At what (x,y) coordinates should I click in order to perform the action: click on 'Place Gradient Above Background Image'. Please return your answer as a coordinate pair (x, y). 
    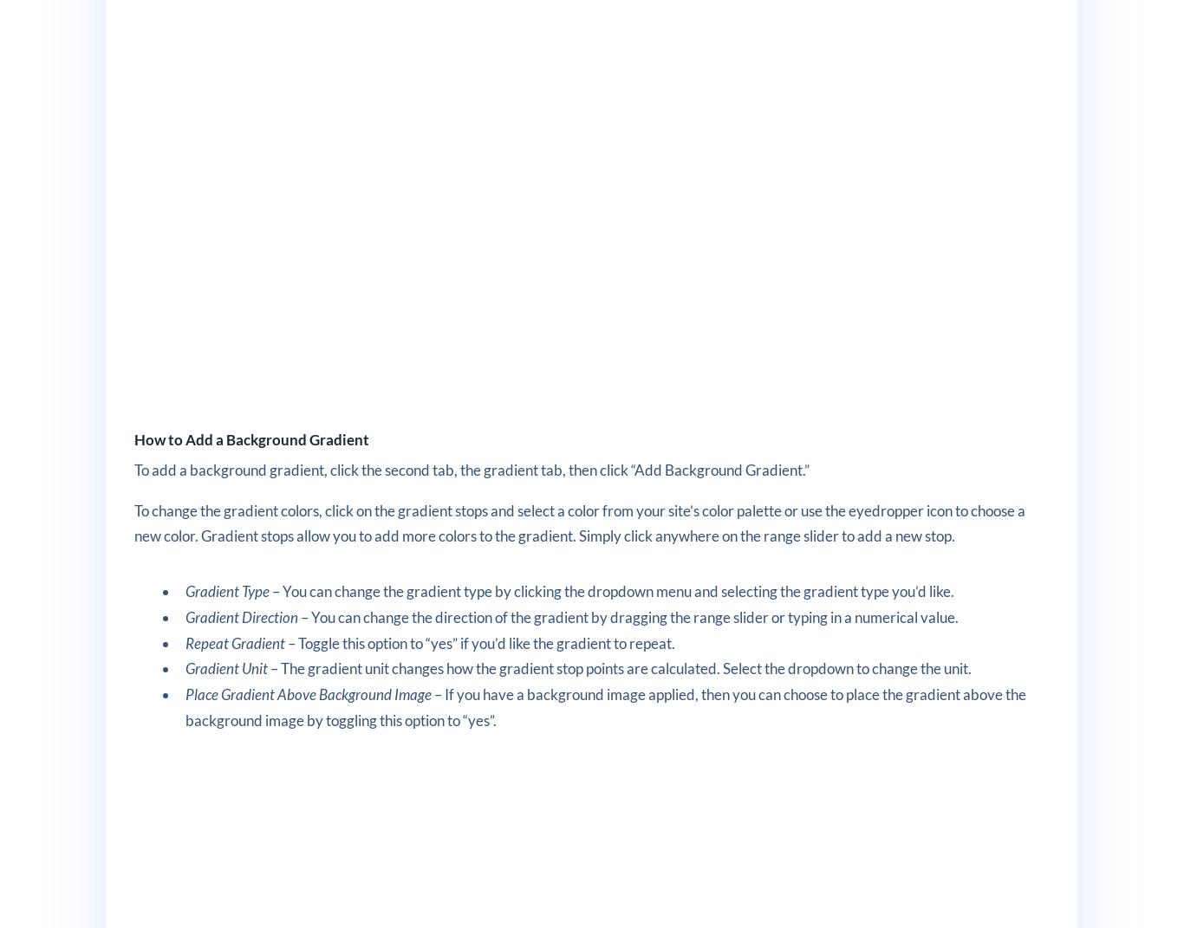
    Looking at the image, I should click on (307, 693).